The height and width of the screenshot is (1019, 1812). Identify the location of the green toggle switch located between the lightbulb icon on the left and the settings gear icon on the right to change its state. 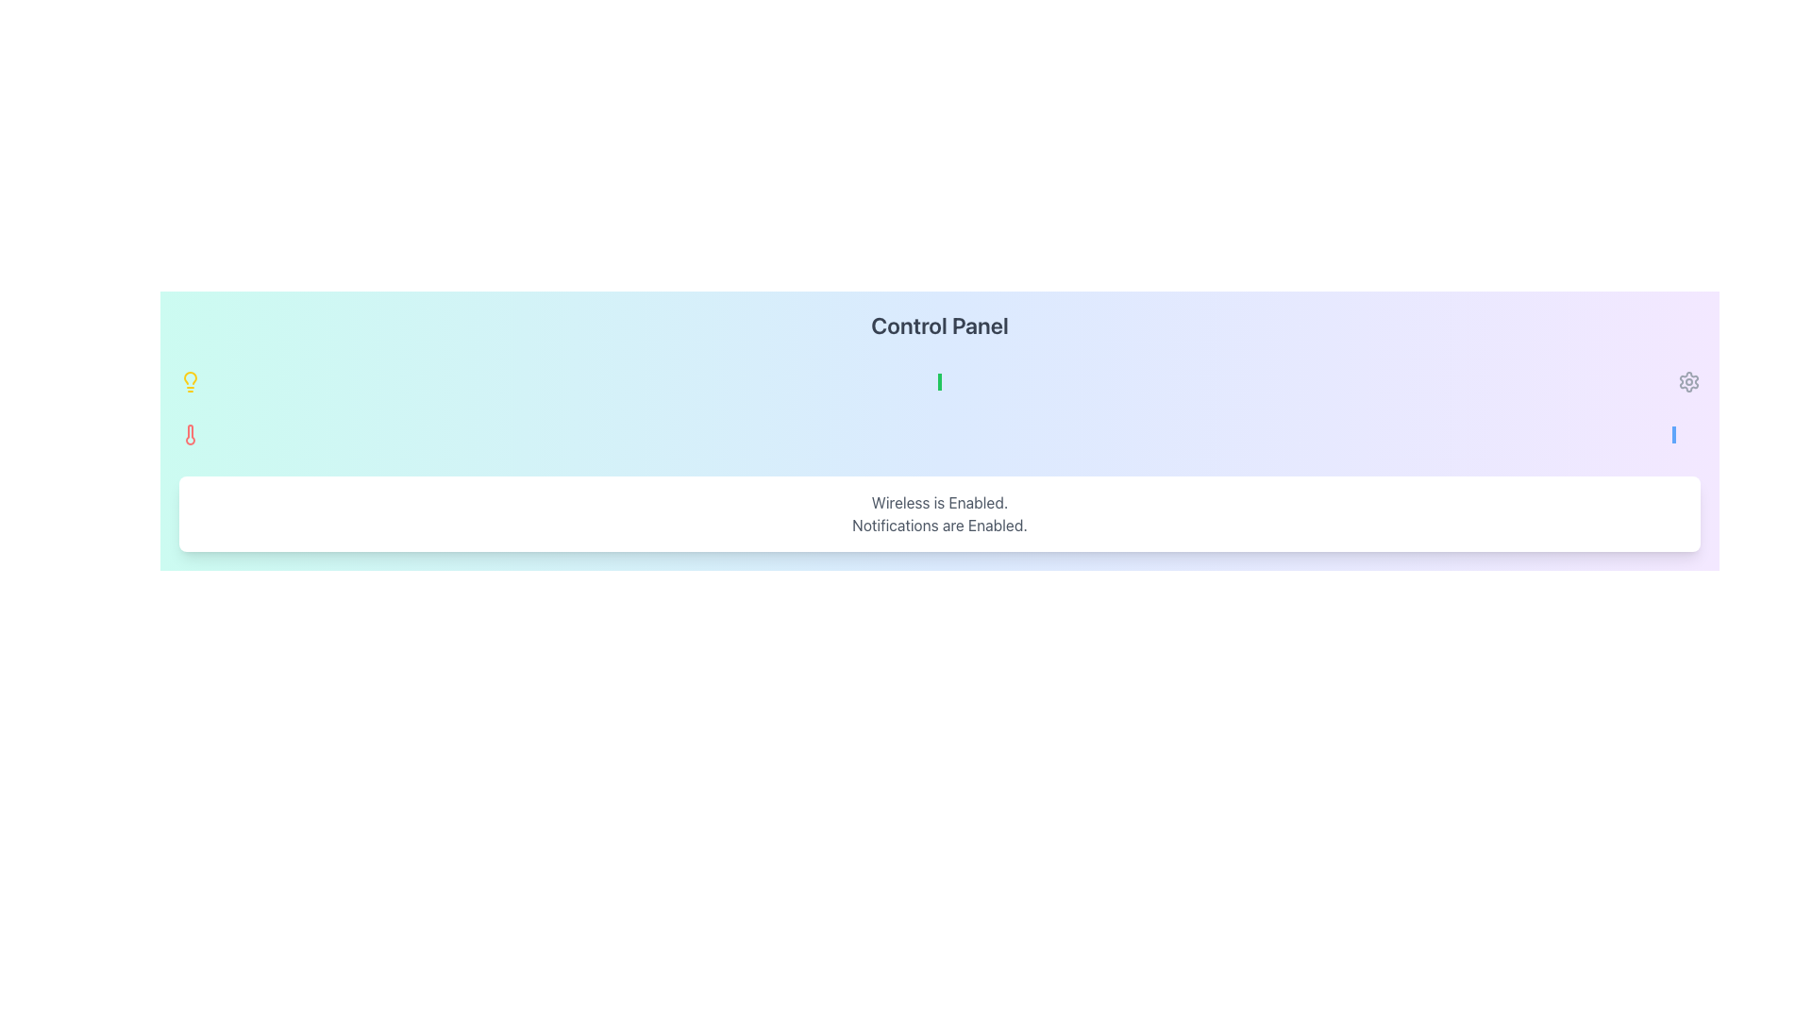
(940, 382).